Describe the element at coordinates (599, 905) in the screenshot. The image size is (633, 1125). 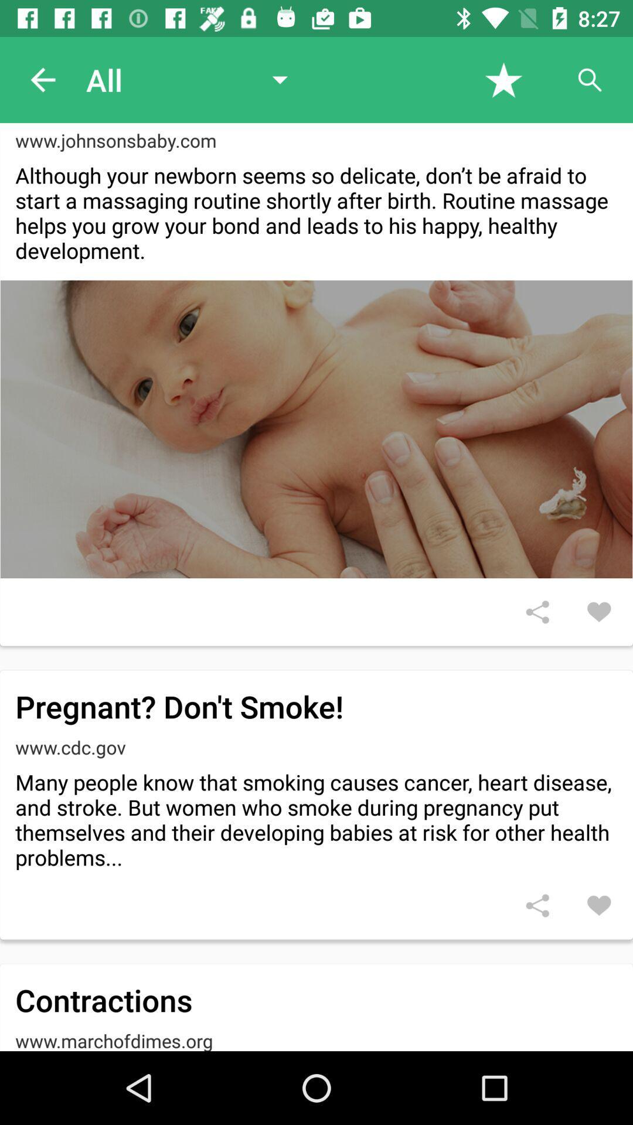
I see `like the article` at that location.